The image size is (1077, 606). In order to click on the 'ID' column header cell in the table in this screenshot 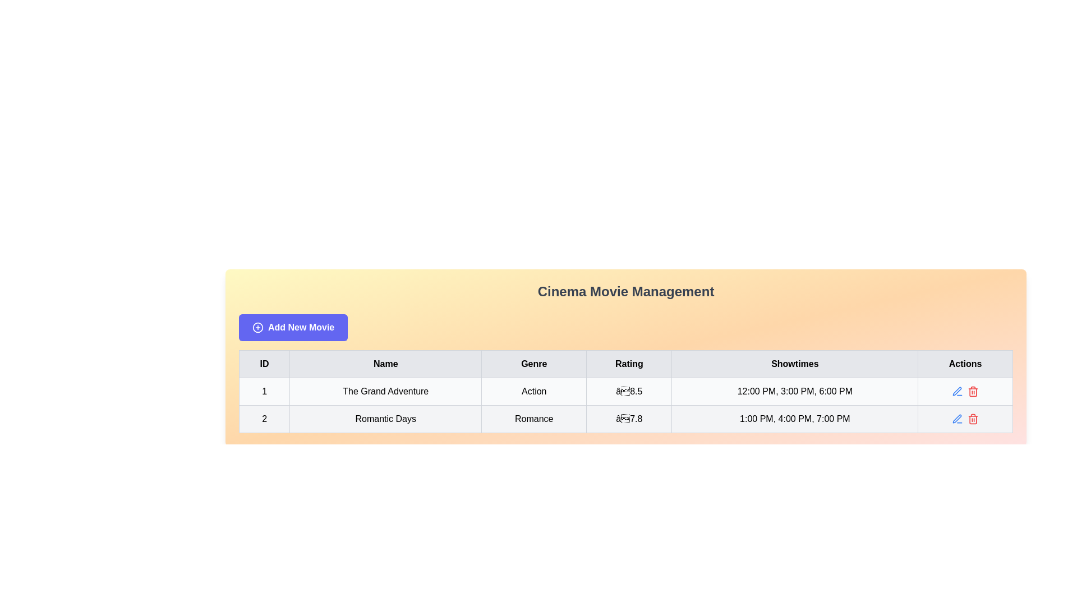, I will do `click(264, 364)`.